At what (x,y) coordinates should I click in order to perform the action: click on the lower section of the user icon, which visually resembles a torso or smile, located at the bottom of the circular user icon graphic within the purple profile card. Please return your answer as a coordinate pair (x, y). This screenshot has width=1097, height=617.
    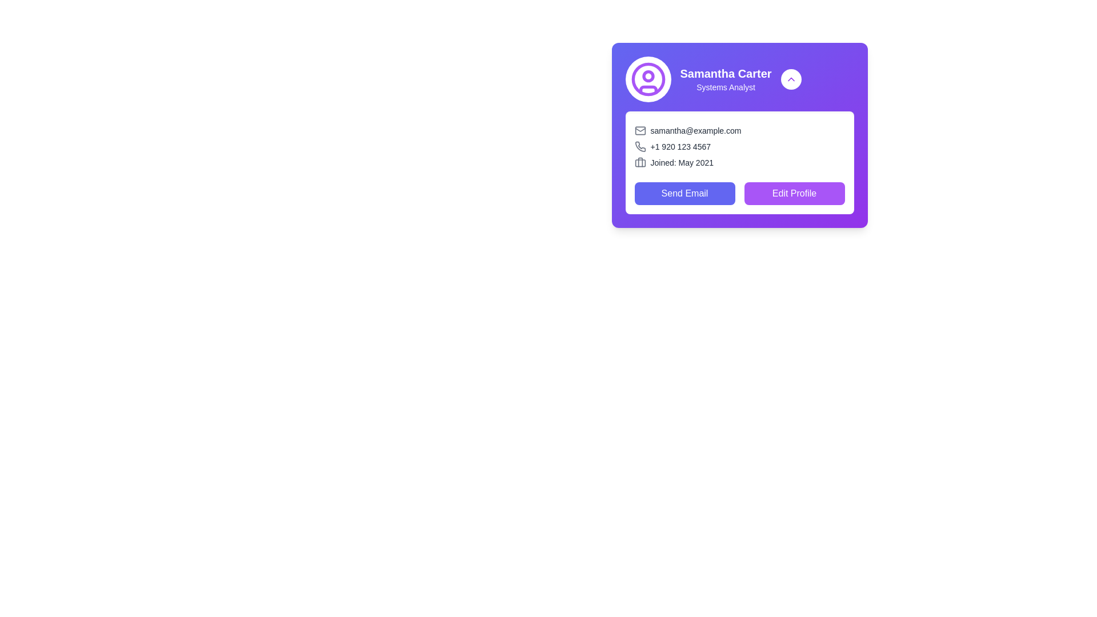
    Looking at the image, I should click on (648, 89).